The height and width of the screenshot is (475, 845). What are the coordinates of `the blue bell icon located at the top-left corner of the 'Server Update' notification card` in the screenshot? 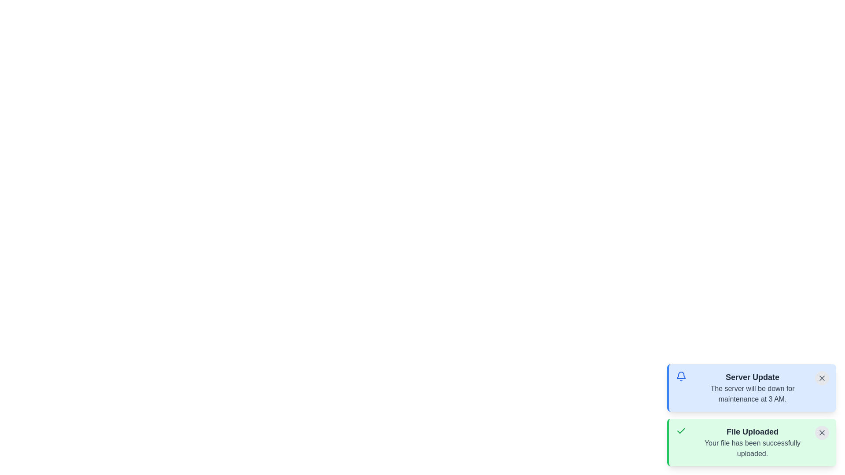 It's located at (681, 376).